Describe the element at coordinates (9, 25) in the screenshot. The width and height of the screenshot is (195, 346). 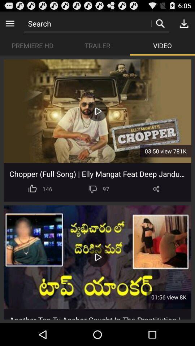
I see `the menu icon` at that location.